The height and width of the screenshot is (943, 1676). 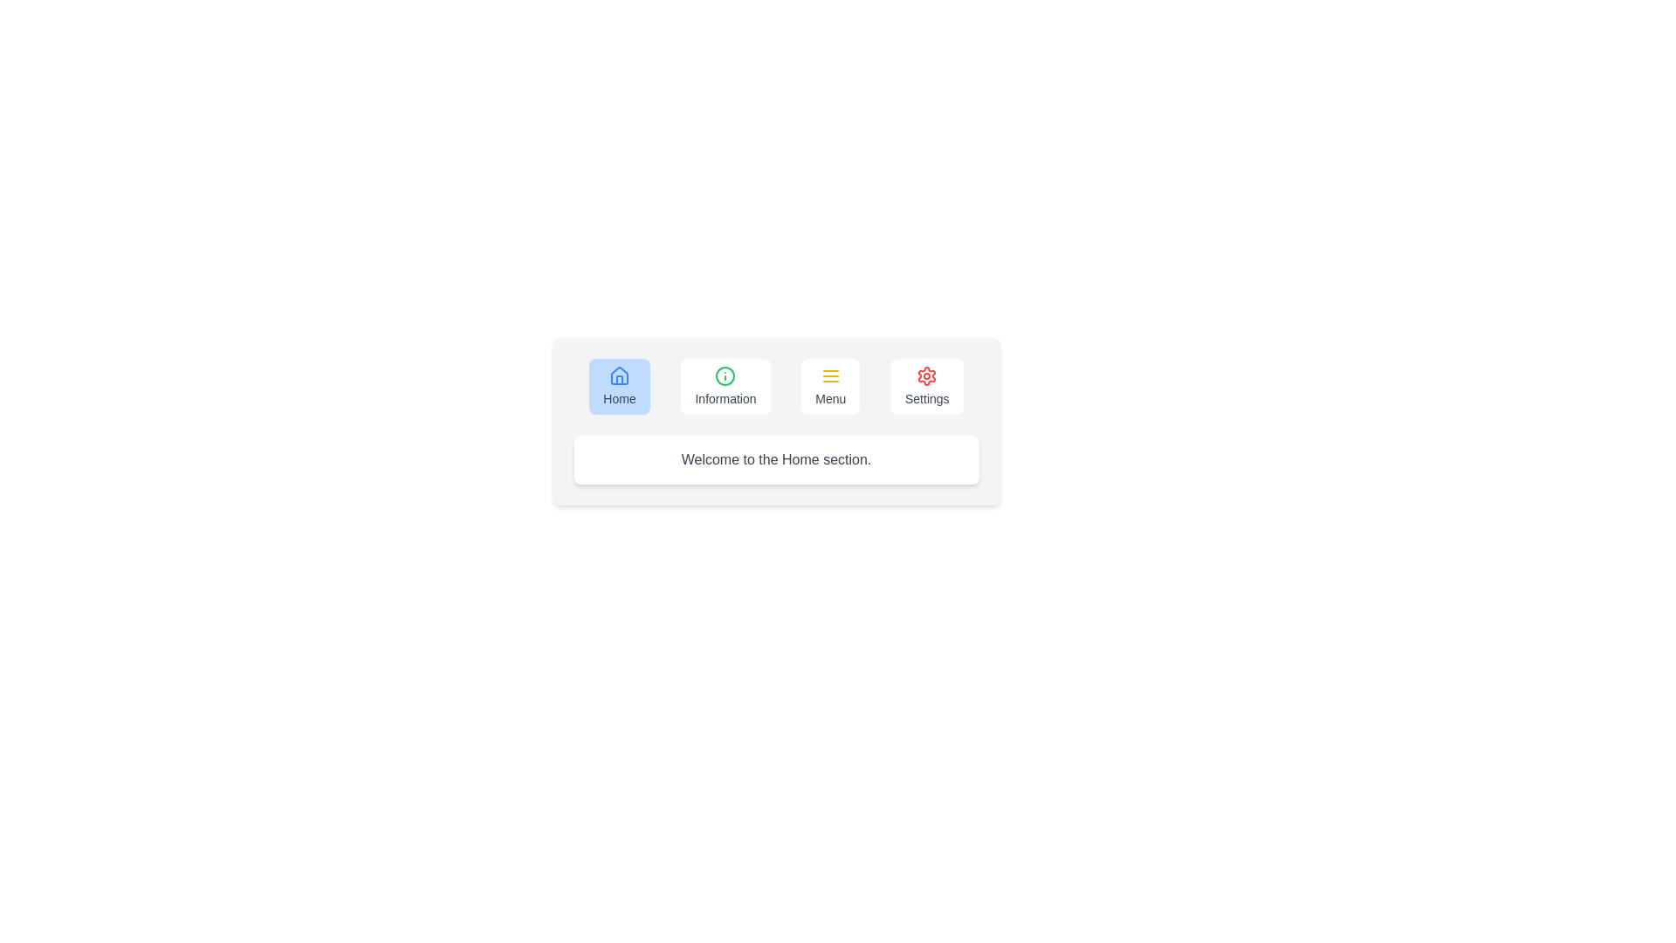 I want to click on the 'Settings' icon located in the upper portion of the 'Settings' interactive section, so click(x=926, y=375).